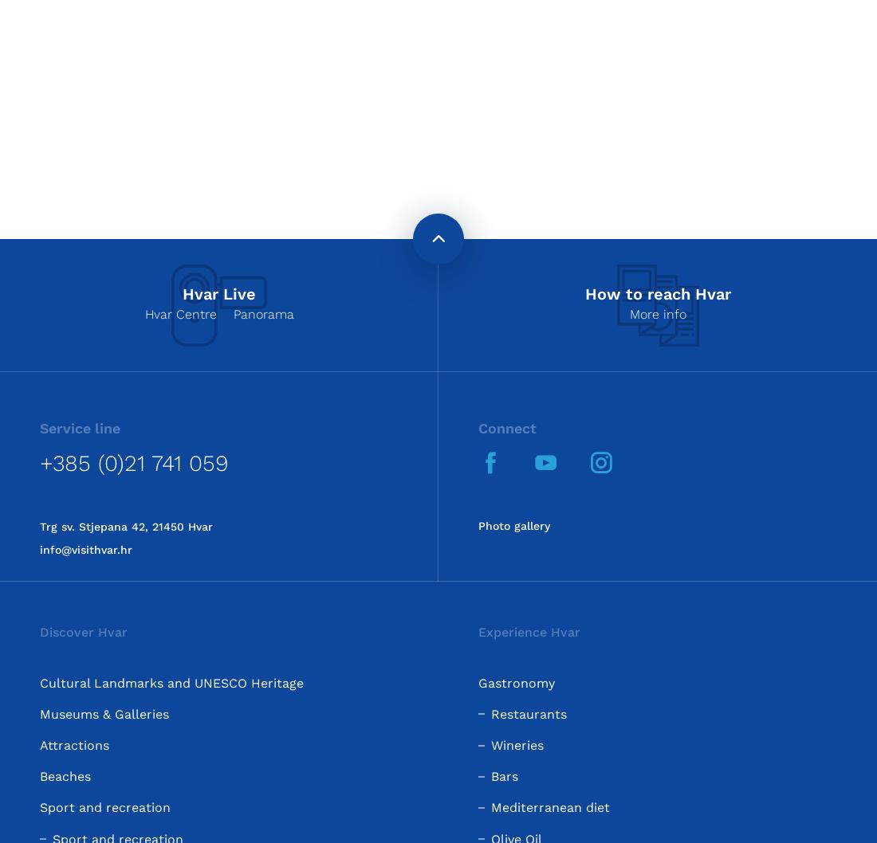 This screenshot has width=877, height=843. I want to click on 'Restaurants', so click(490, 713).